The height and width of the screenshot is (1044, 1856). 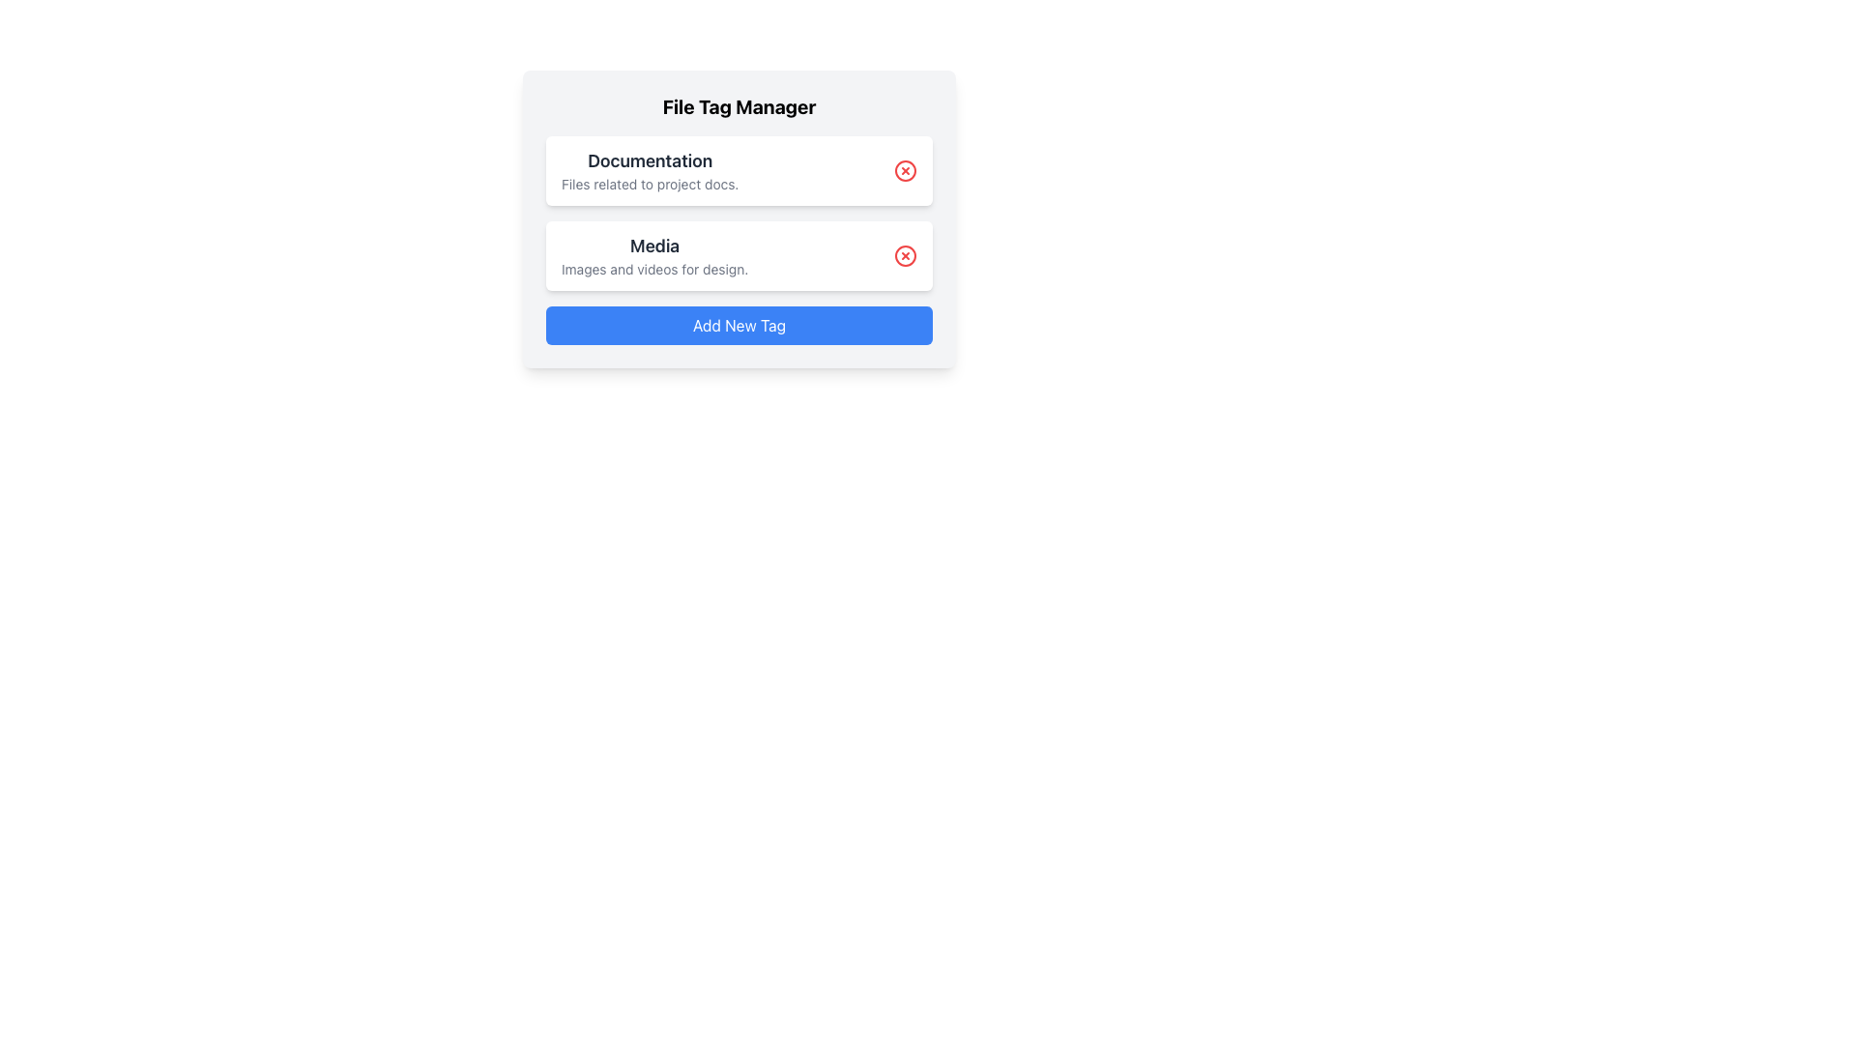 What do you see at coordinates (654, 255) in the screenshot?
I see `the 'Media' file tag category text block, which includes a descriptive heading and subtext, positioned centrally below the 'Documentation' card in the 'File Tag Manager' interface` at bounding box center [654, 255].